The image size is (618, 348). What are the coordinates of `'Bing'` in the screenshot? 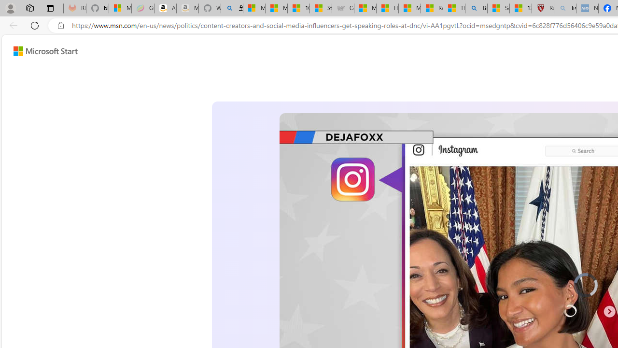 It's located at (476, 8).